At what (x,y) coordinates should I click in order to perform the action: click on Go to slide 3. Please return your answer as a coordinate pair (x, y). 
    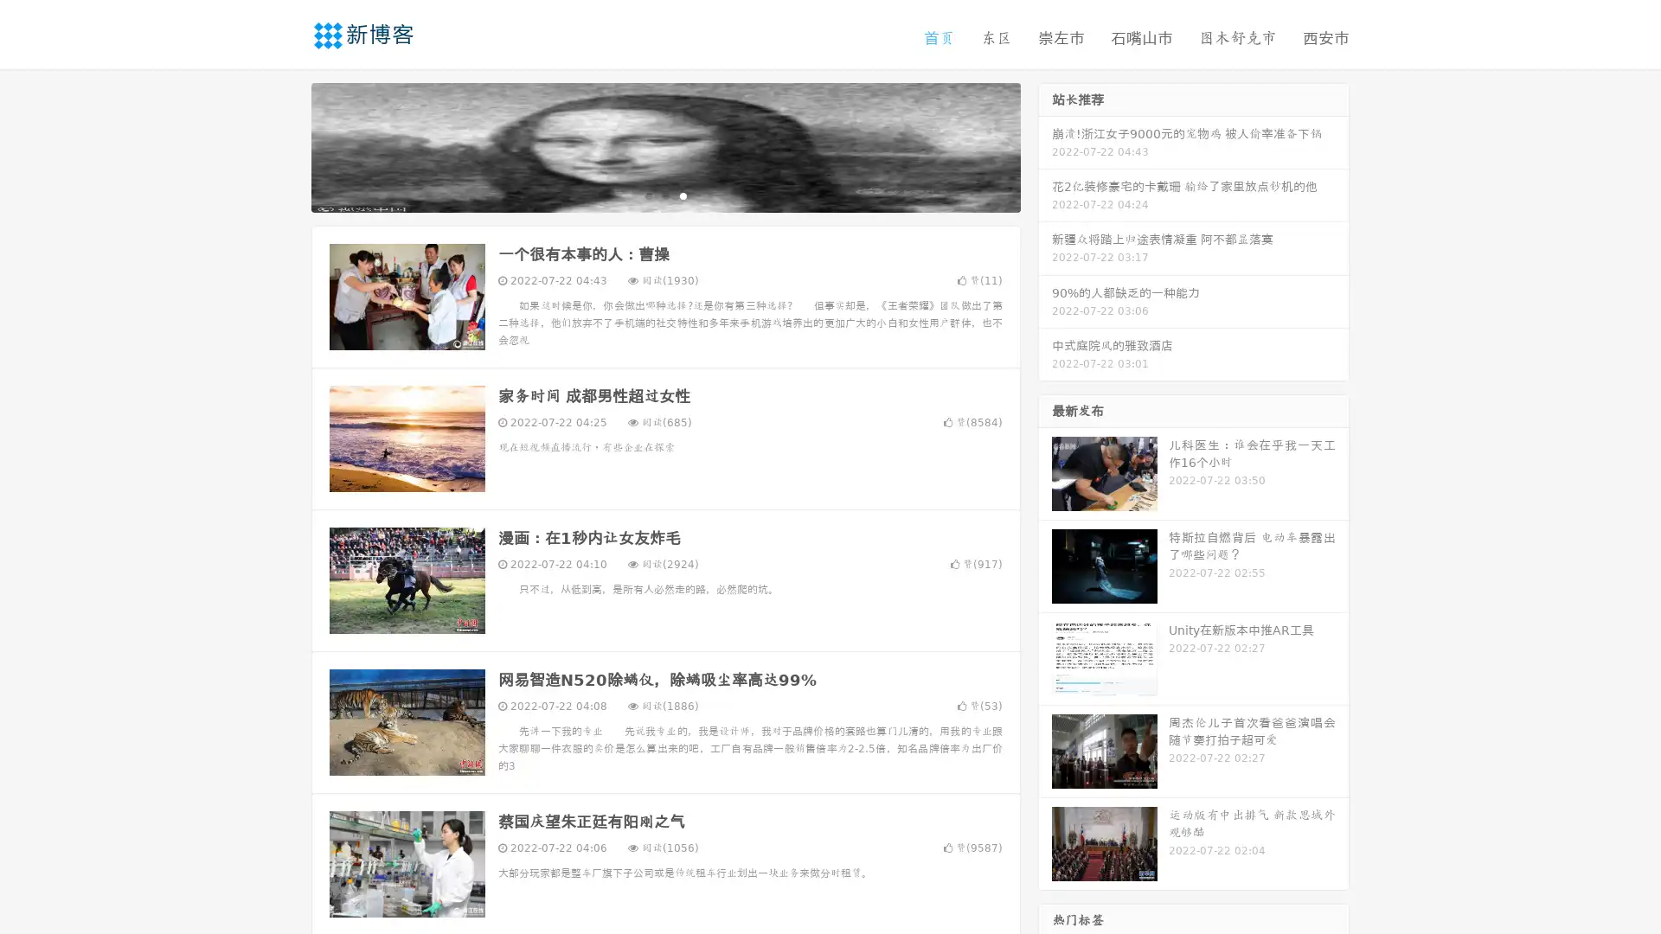
    Looking at the image, I should click on (683, 195).